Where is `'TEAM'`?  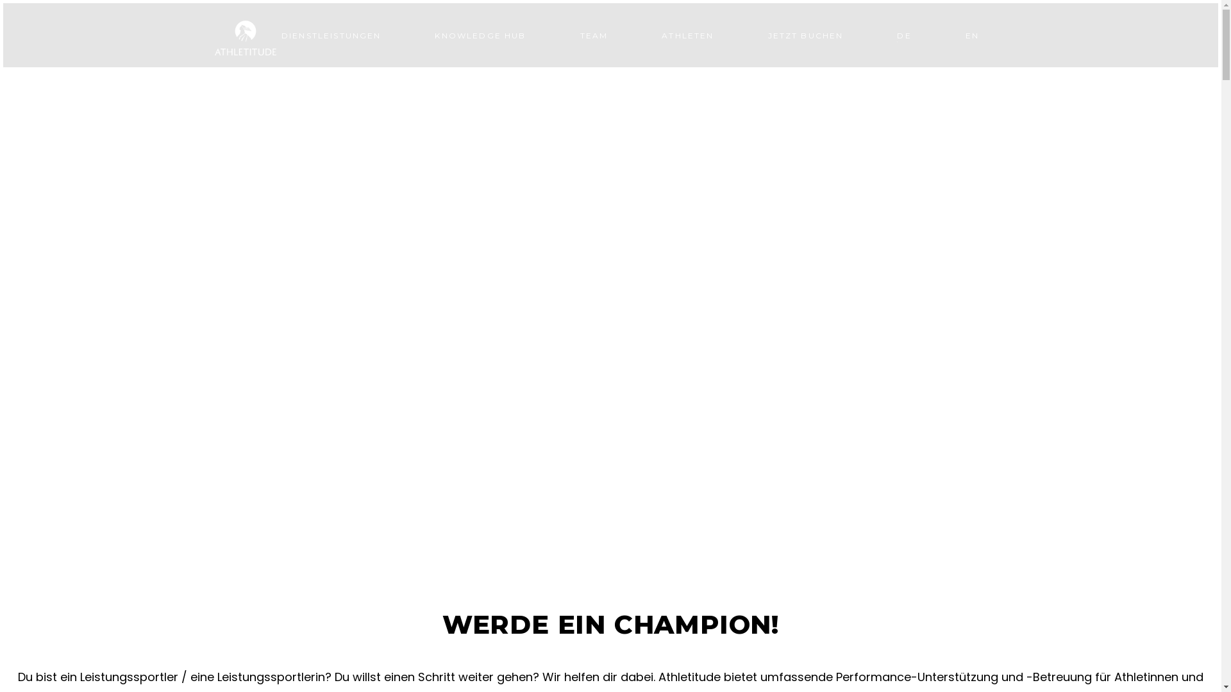
'TEAM' is located at coordinates (593, 35).